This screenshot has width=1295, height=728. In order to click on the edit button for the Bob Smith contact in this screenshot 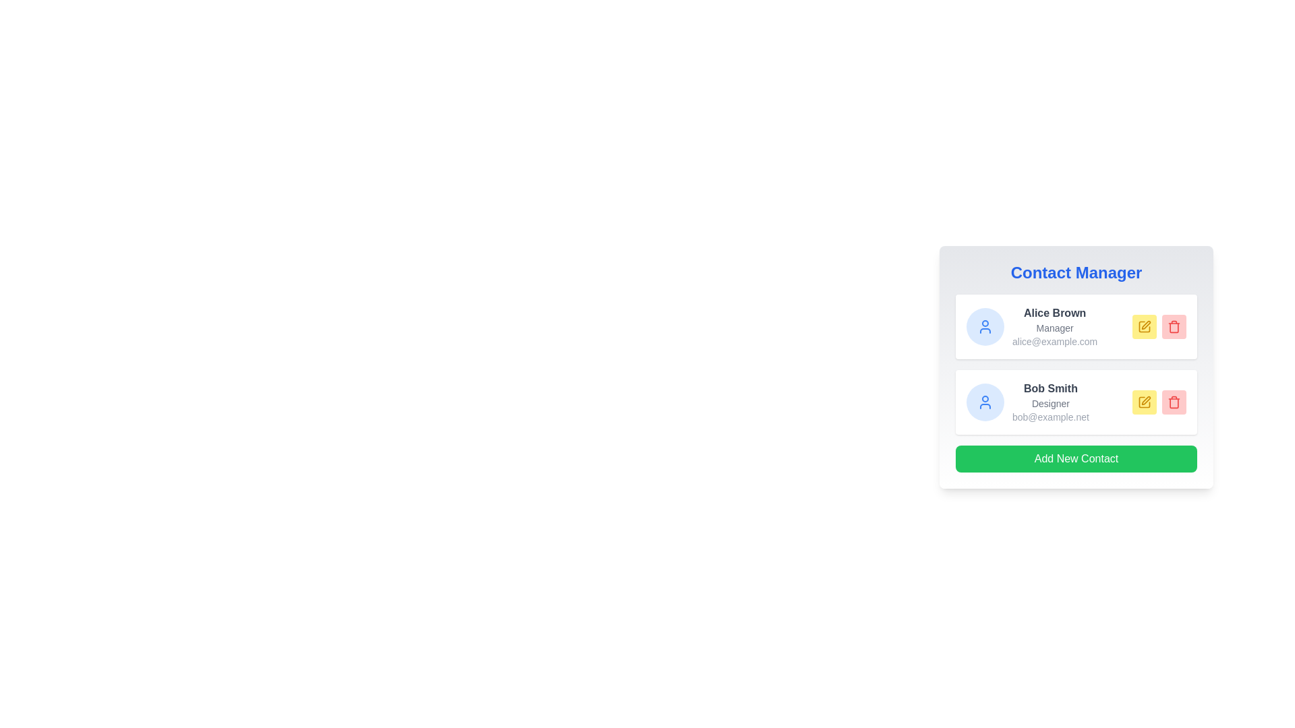, I will do `click(1144, 402)`.